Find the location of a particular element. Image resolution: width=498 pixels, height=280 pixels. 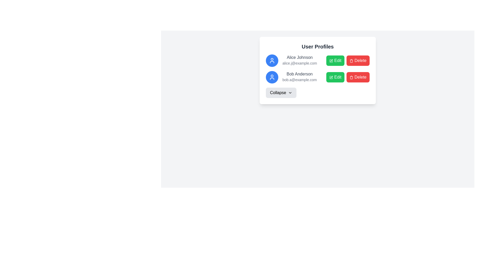

the delete button icon to execute the delete operation for the user profile is located at coordinates (351, 77).